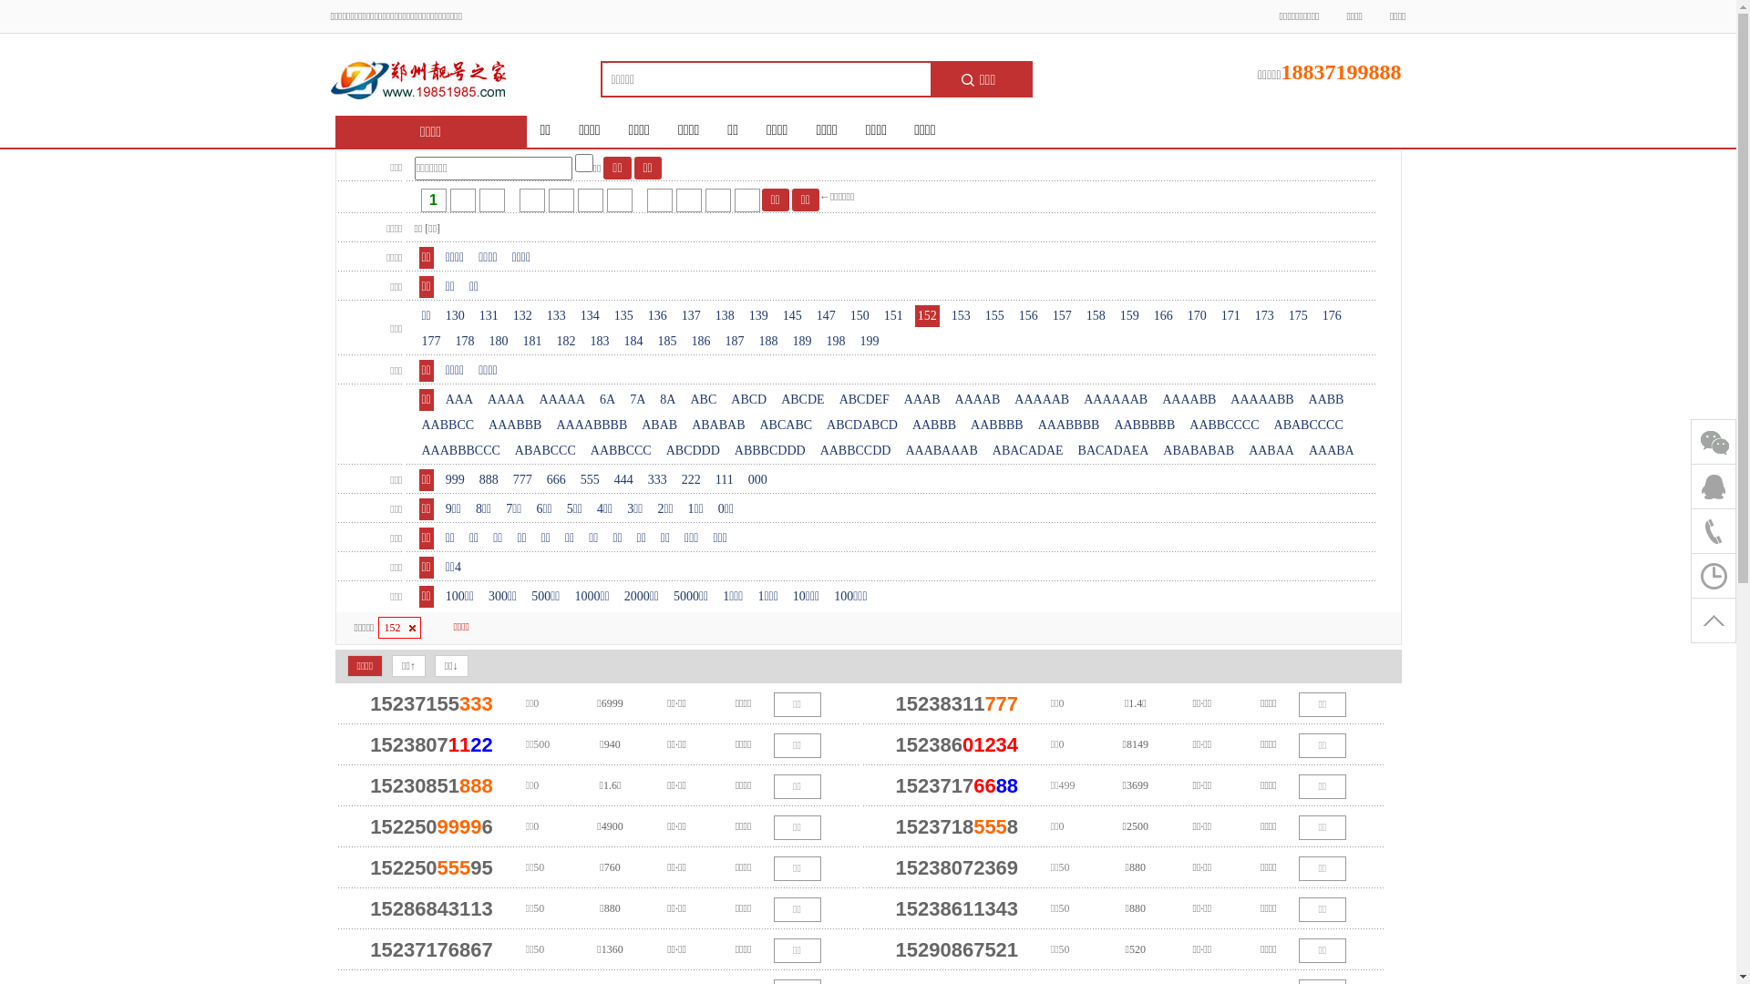 This screenshot has height=984, width=1750. I want to click on '133', so click(542, 315).